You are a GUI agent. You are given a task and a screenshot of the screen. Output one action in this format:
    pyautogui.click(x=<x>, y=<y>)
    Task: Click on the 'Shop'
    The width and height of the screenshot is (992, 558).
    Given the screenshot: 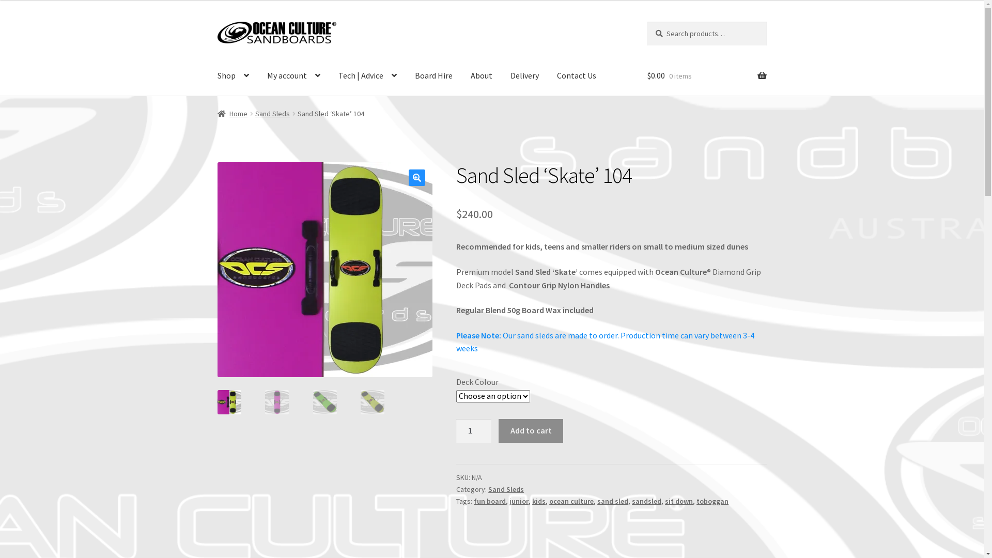 What is the action you would take?
    pyautogui.click(x=233, y=75)
    